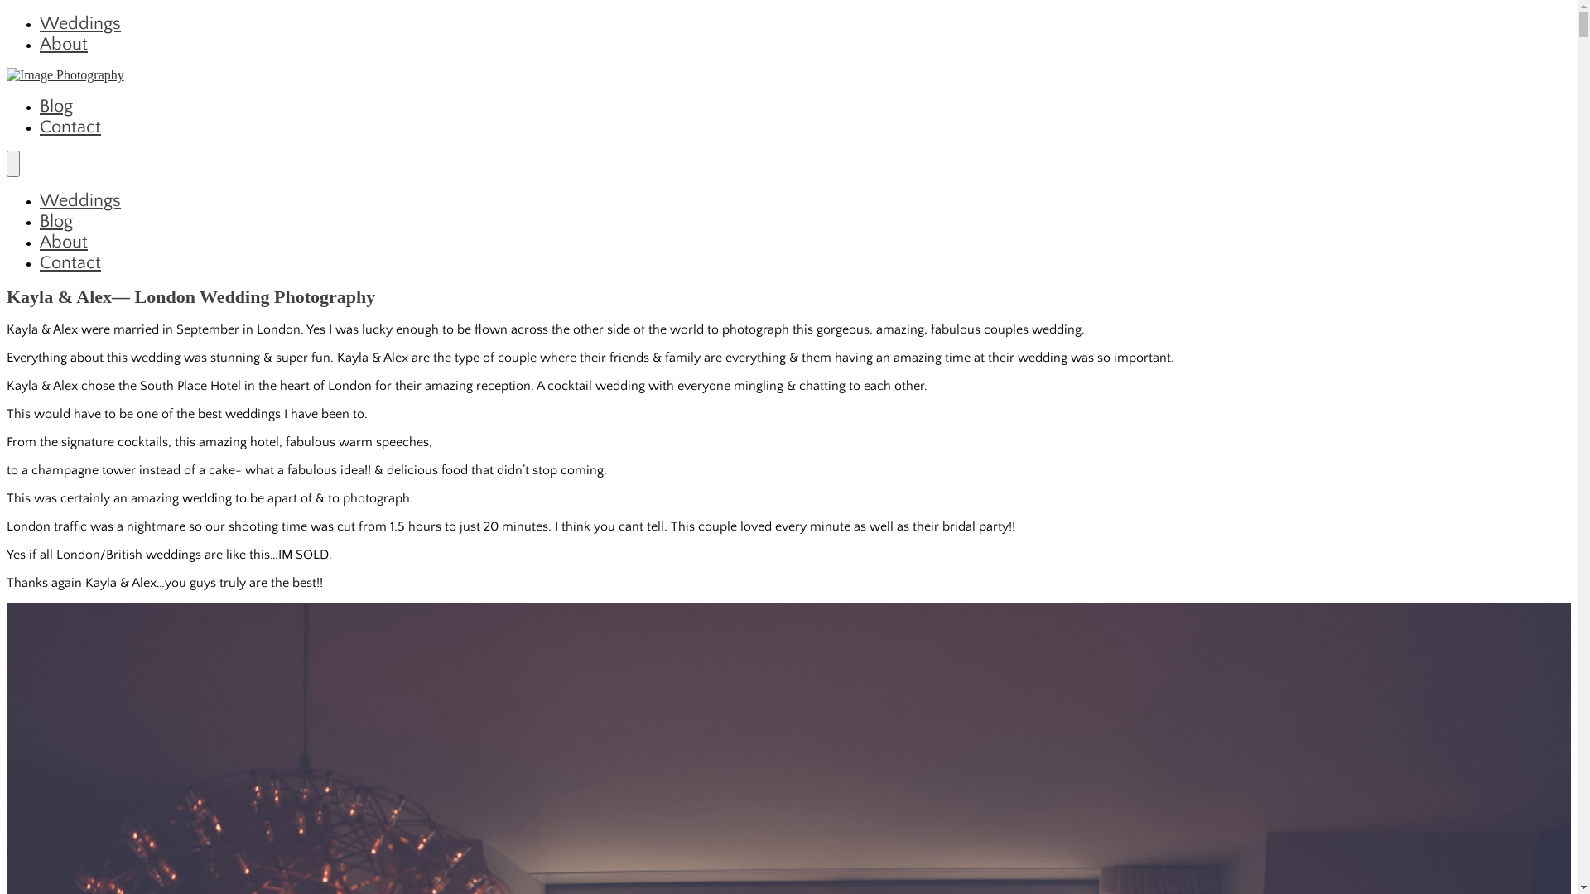  What do you see at coordinates (79, 23) in the screenshot?
I see `'Weddings'` at bounding box center [79, 23].